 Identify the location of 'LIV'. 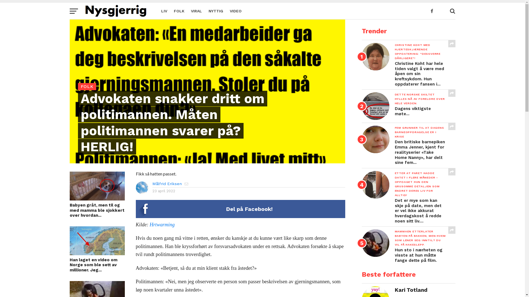
(157, 11).